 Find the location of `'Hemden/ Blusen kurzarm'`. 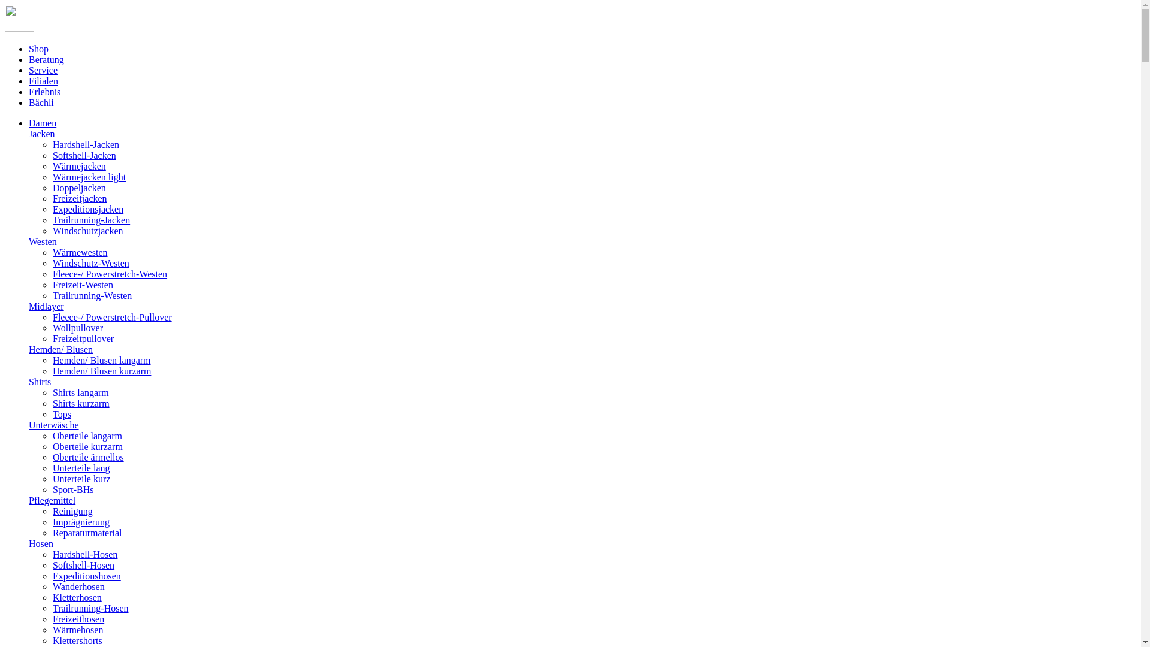

'Hemden/ Blusen kurzarm' is located at coordinates (101, 370).